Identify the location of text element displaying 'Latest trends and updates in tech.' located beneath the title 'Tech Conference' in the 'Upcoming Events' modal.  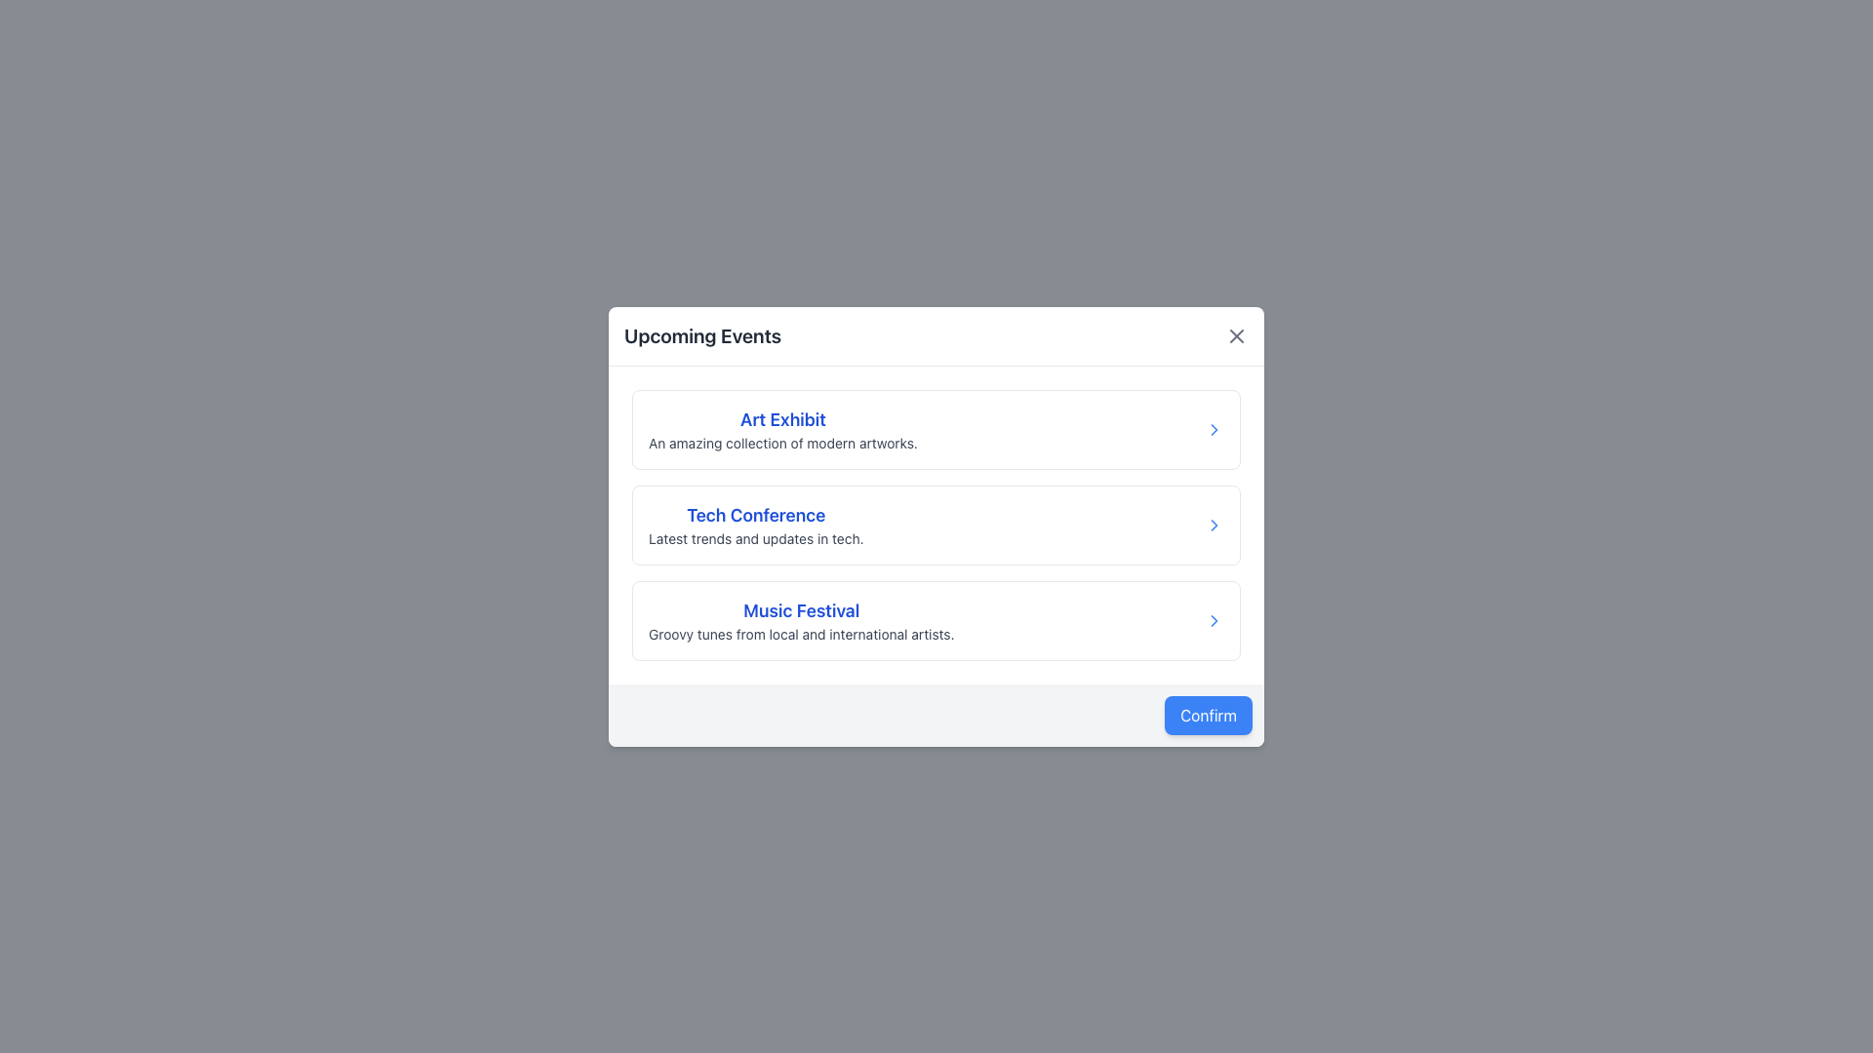
(755, 538).